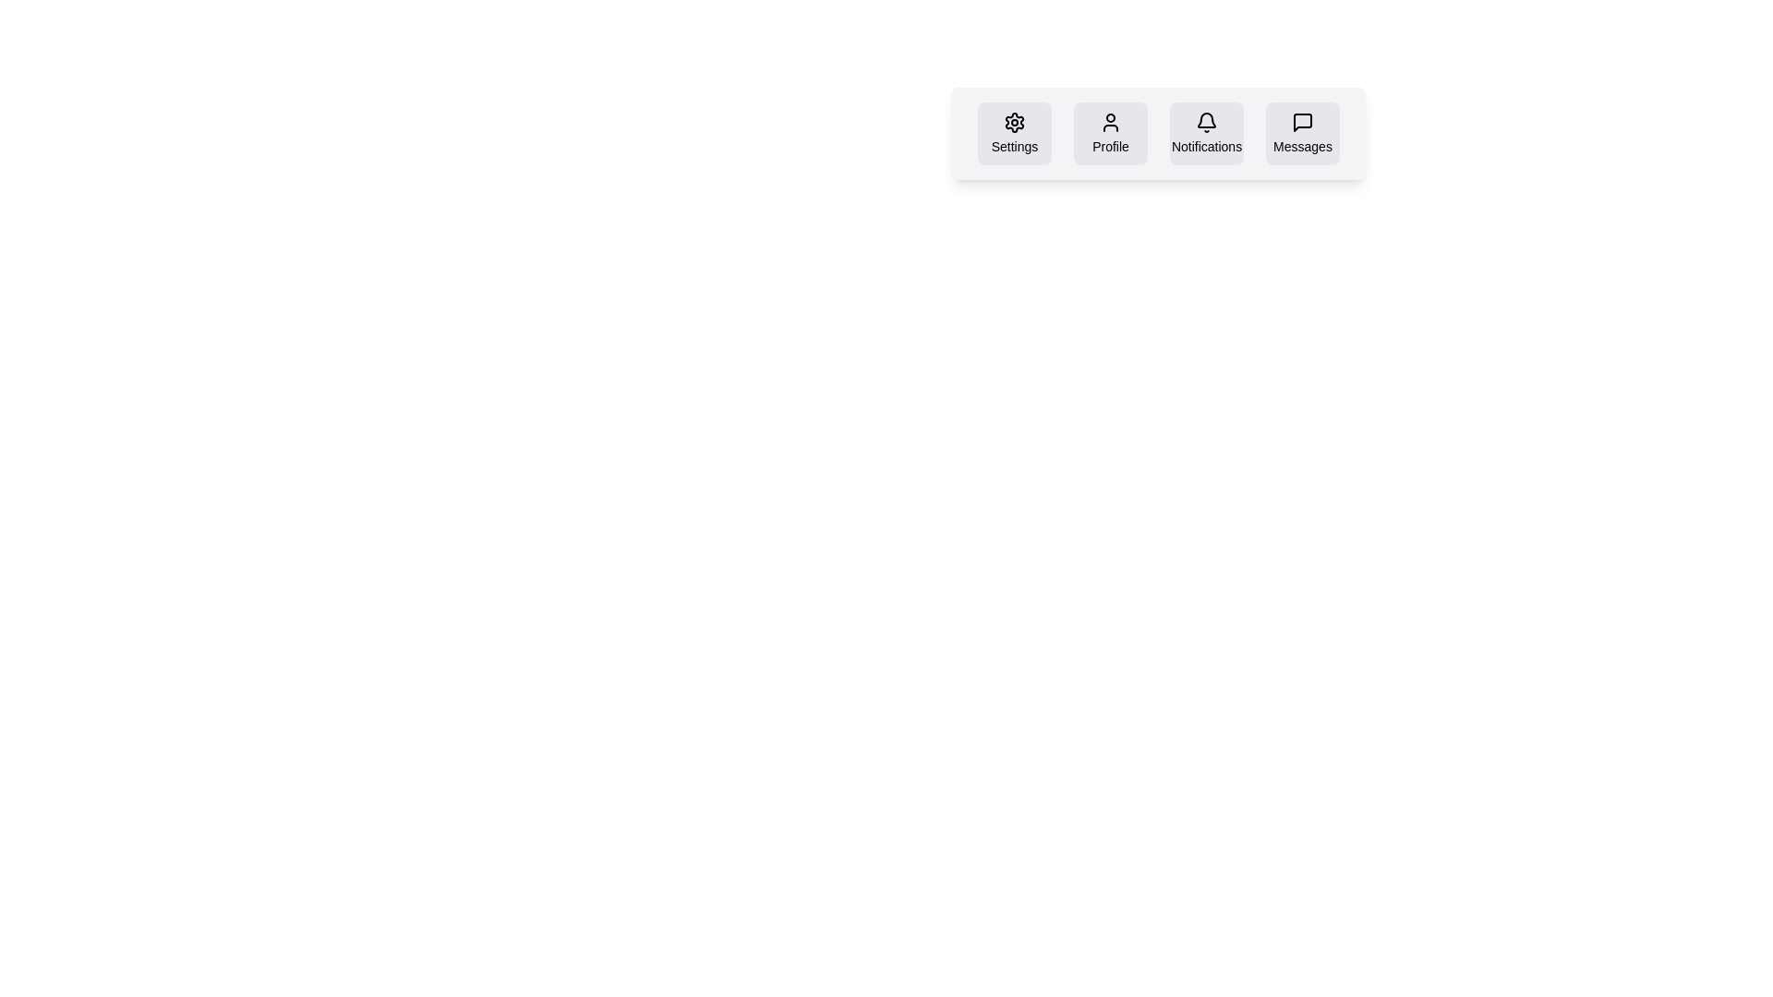 This screenshot has height=997, width=1773. What do you see at coordinates (1014, 122) in the screenshot?
I see `the cogwheel icon in the settings toolbar` at bounding box center [1014, 122].